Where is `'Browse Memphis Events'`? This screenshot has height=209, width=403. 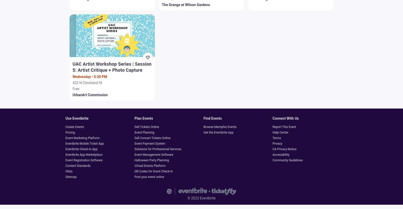
'Browse Memphis Events' is located at coordinates (220, 127).